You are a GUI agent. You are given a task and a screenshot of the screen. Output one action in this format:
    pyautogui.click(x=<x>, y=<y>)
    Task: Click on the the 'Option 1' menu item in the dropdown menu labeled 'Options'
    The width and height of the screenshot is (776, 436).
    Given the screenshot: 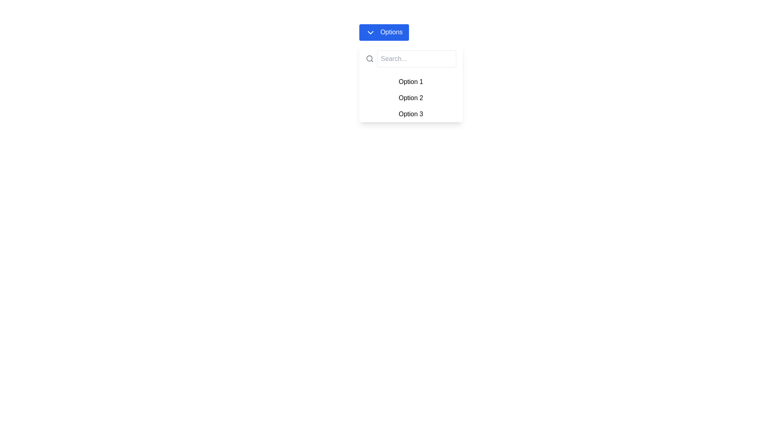 What is the action you would take?
    pyautogui.click(x=411, y=82)
    